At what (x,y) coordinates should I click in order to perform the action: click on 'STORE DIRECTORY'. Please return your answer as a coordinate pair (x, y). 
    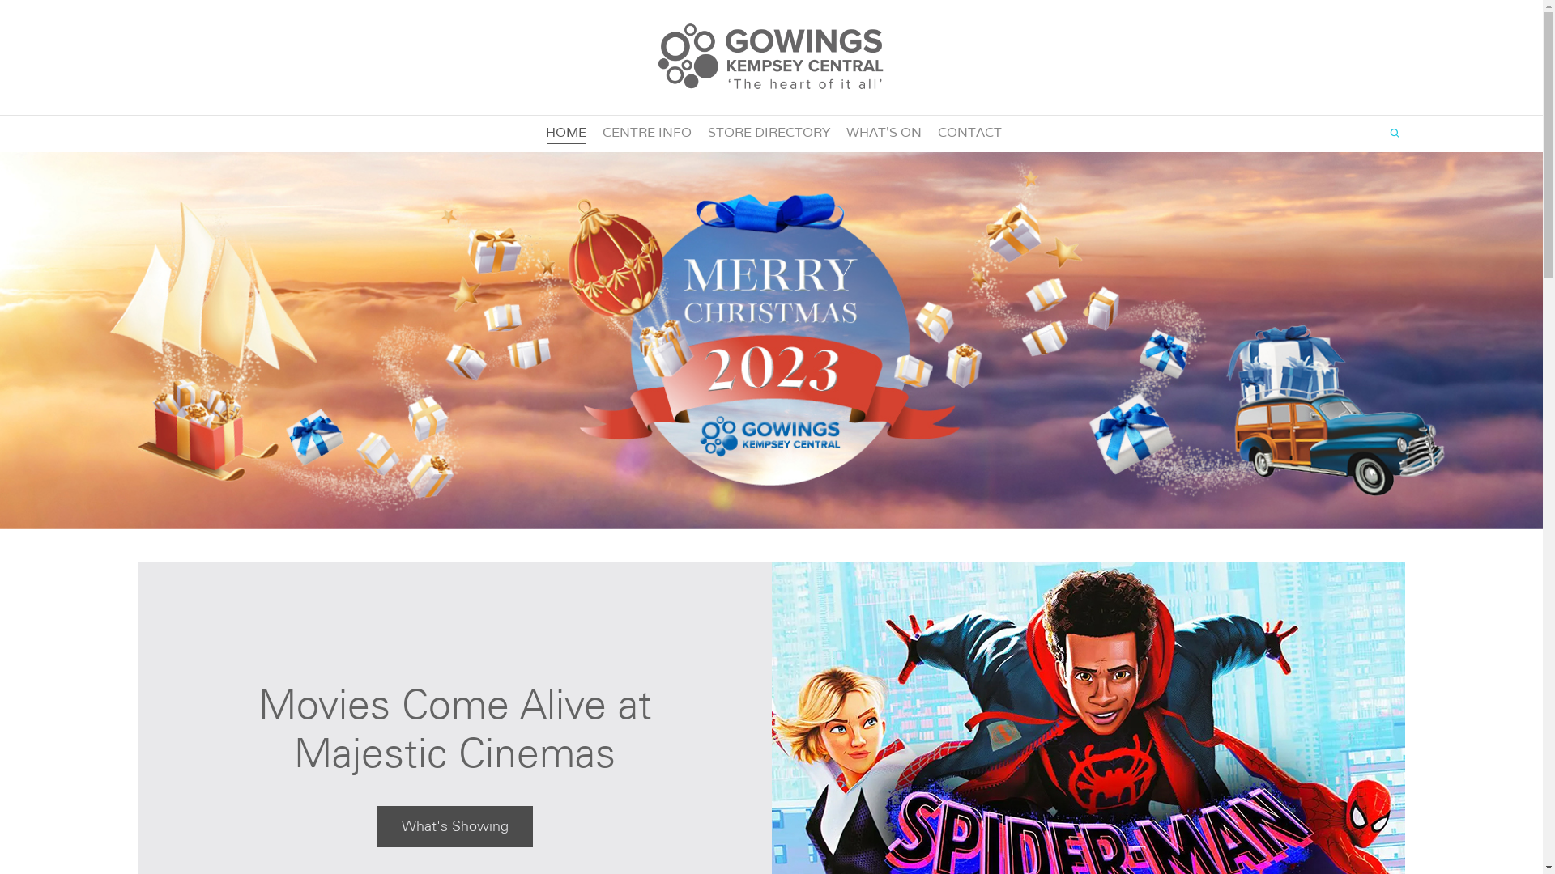
    Looking at the image, I should click on (768, 132).